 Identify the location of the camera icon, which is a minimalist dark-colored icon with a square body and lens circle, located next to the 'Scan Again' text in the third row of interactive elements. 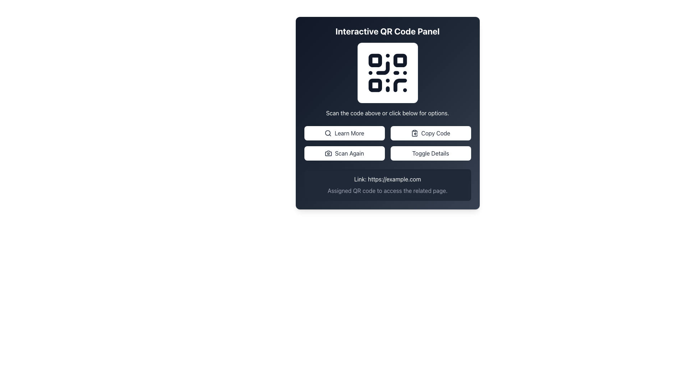
(328, 153).